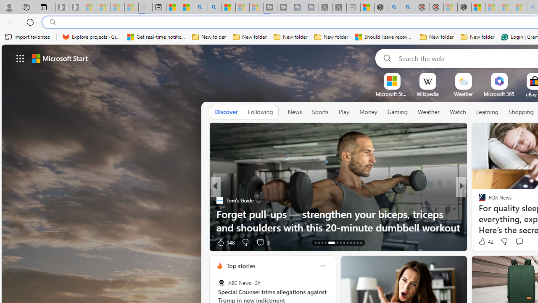 The height and width of the screenshot is (303, 538). I want to click on 'Gaming', so click(397, 112).